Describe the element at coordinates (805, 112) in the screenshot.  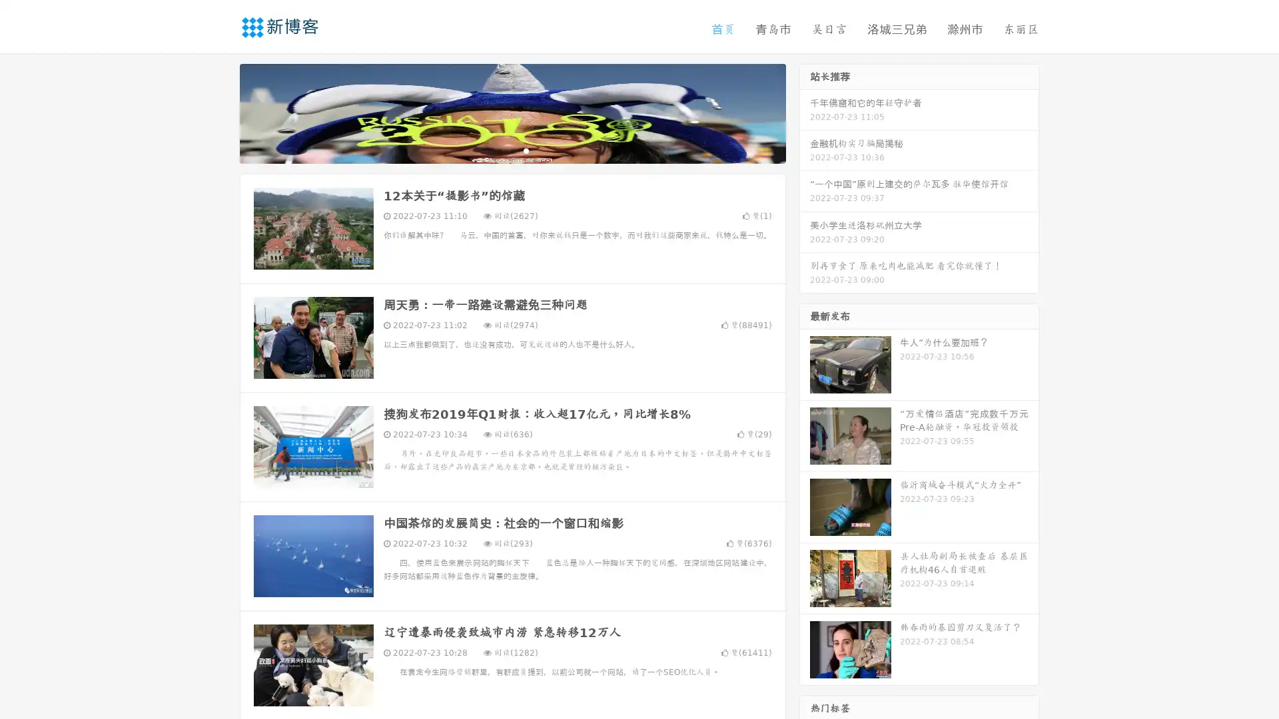
I see `Next slide` at that location.